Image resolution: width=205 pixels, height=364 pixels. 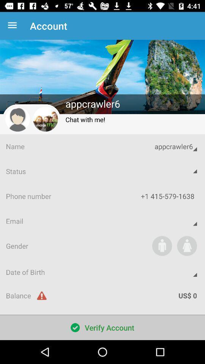 I want to click on app above the date of birth app, so click(x=186, y=245).